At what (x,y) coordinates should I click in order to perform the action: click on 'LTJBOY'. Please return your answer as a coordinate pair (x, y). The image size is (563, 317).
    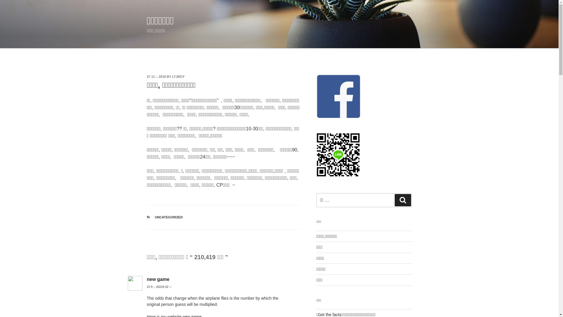
    Looking at the image, I should click on (178, 76).